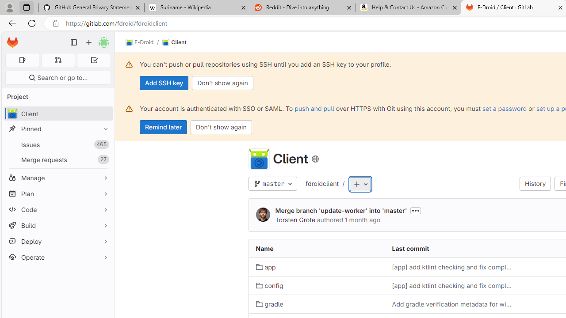 The image size is (566, 318). What do you see at coordinates (57, 225) in the screenshot?
I see `'Build'` at bounding box center [57, 225].